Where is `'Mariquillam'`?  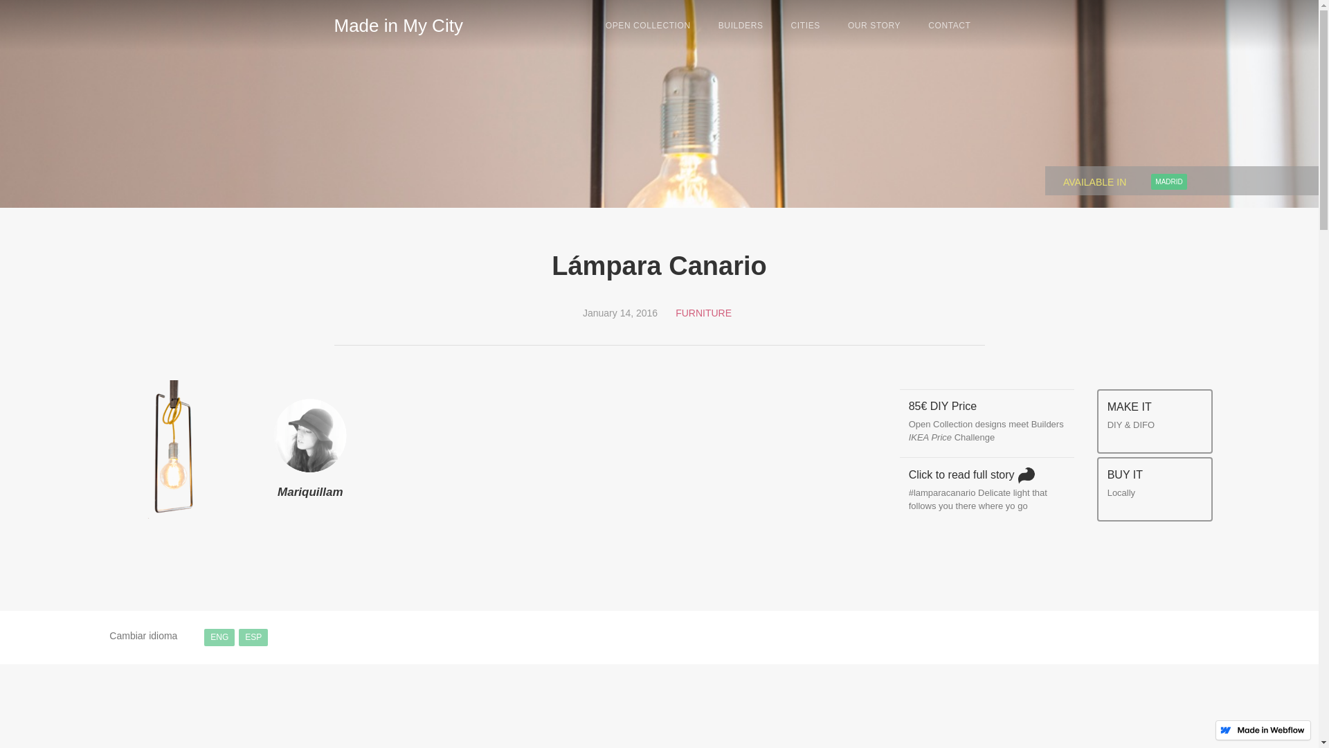
'Mariquillam' is located at coordinates (309, 491).